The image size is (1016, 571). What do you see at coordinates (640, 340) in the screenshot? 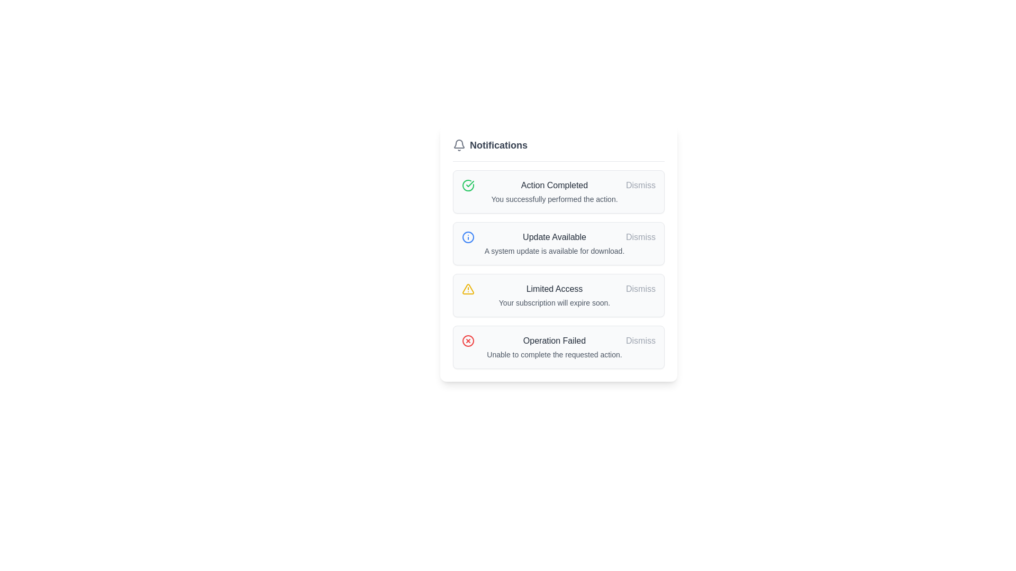
I see `the dismiss button located at the top right corner of the 'Operation Failed' notification card` at bounding box center [640, 340].